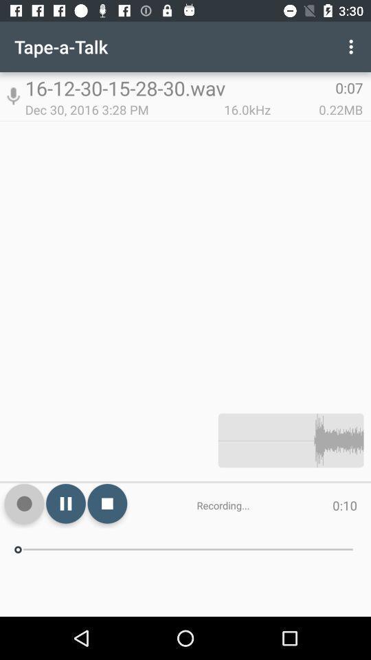 The image size is (371, 660). I want to click on the mike icon, so click(12, 96).